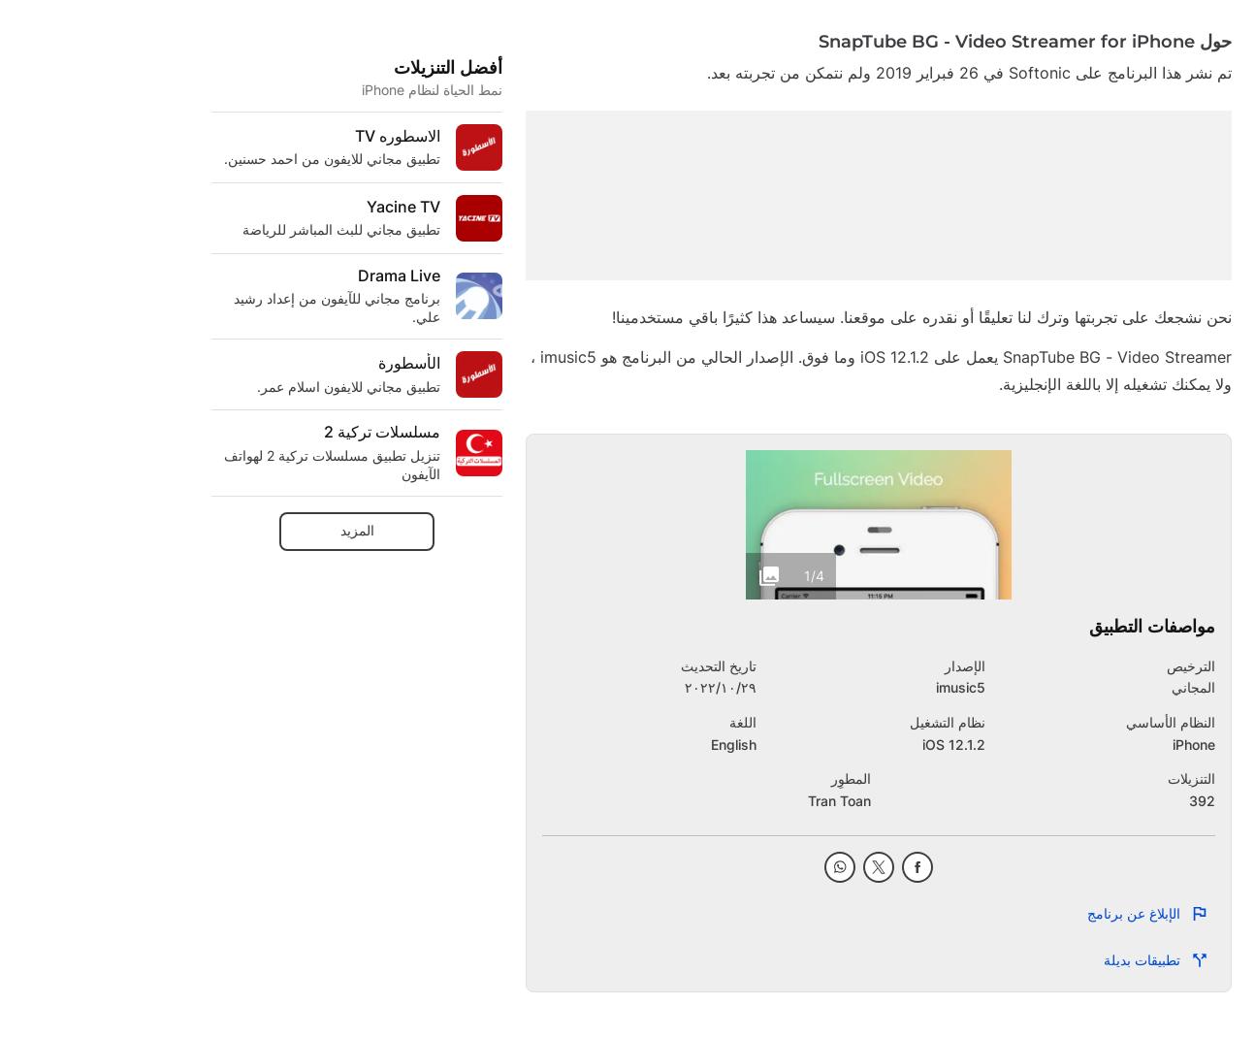 The height and width of the screenshot is (1037, 1255). Describe the element at coordinates (572, 61) in the screenshot. I see `'Motorola by Hubble Connected'` at that location.